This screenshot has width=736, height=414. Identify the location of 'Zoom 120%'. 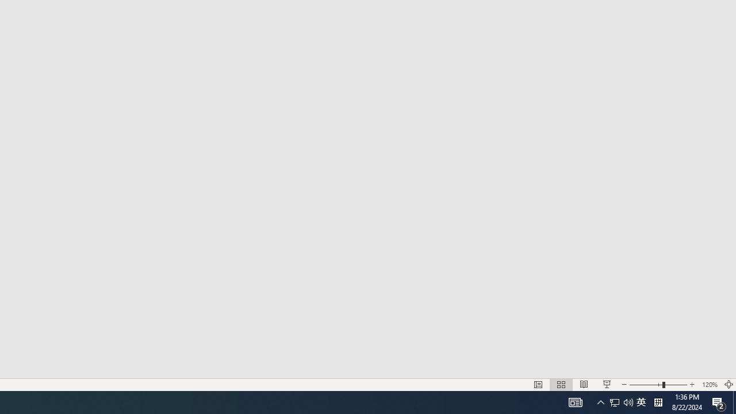
(709, 385).